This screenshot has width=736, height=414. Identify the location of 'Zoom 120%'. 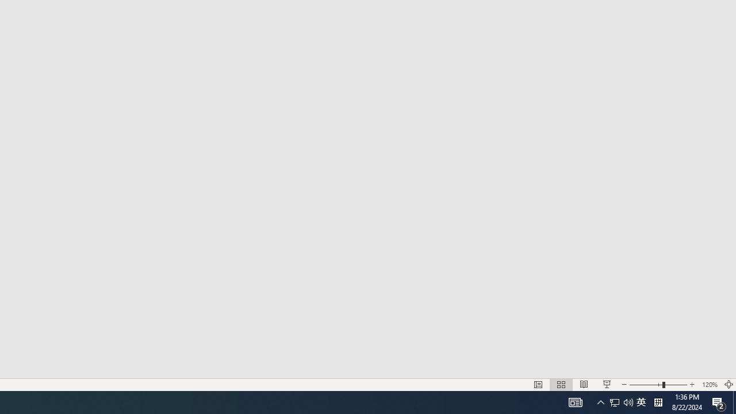
(709, 385).